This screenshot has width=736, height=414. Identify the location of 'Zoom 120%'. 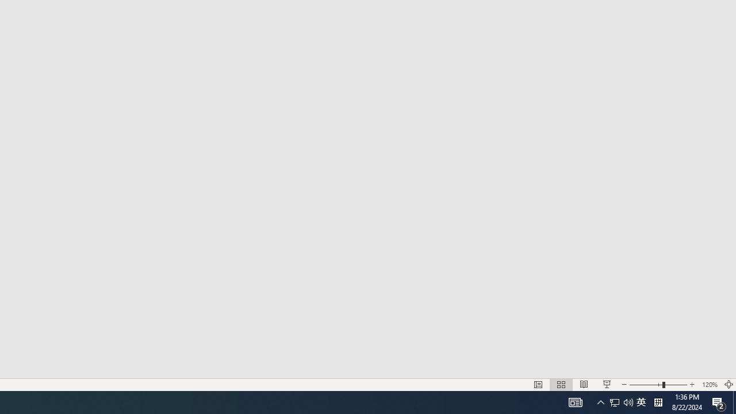
(709, 385).